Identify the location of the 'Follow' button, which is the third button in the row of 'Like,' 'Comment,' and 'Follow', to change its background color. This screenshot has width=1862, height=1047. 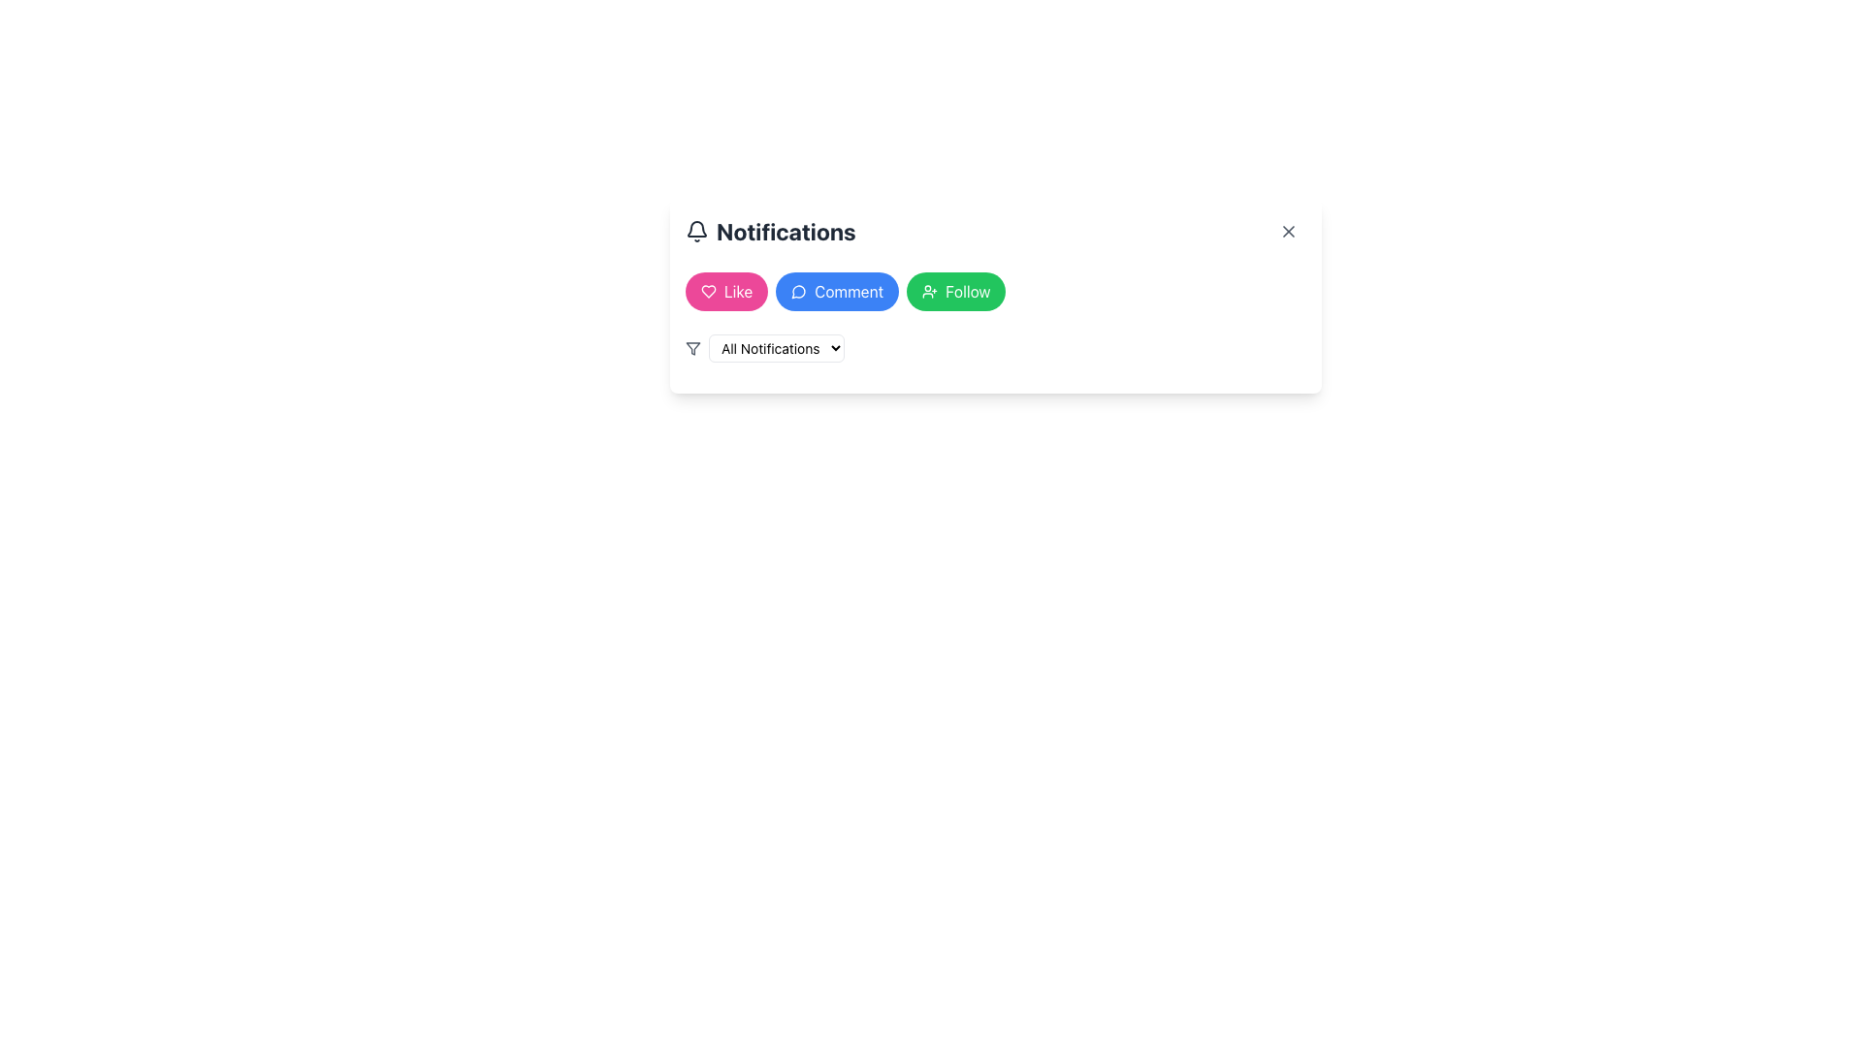
(956, 291).